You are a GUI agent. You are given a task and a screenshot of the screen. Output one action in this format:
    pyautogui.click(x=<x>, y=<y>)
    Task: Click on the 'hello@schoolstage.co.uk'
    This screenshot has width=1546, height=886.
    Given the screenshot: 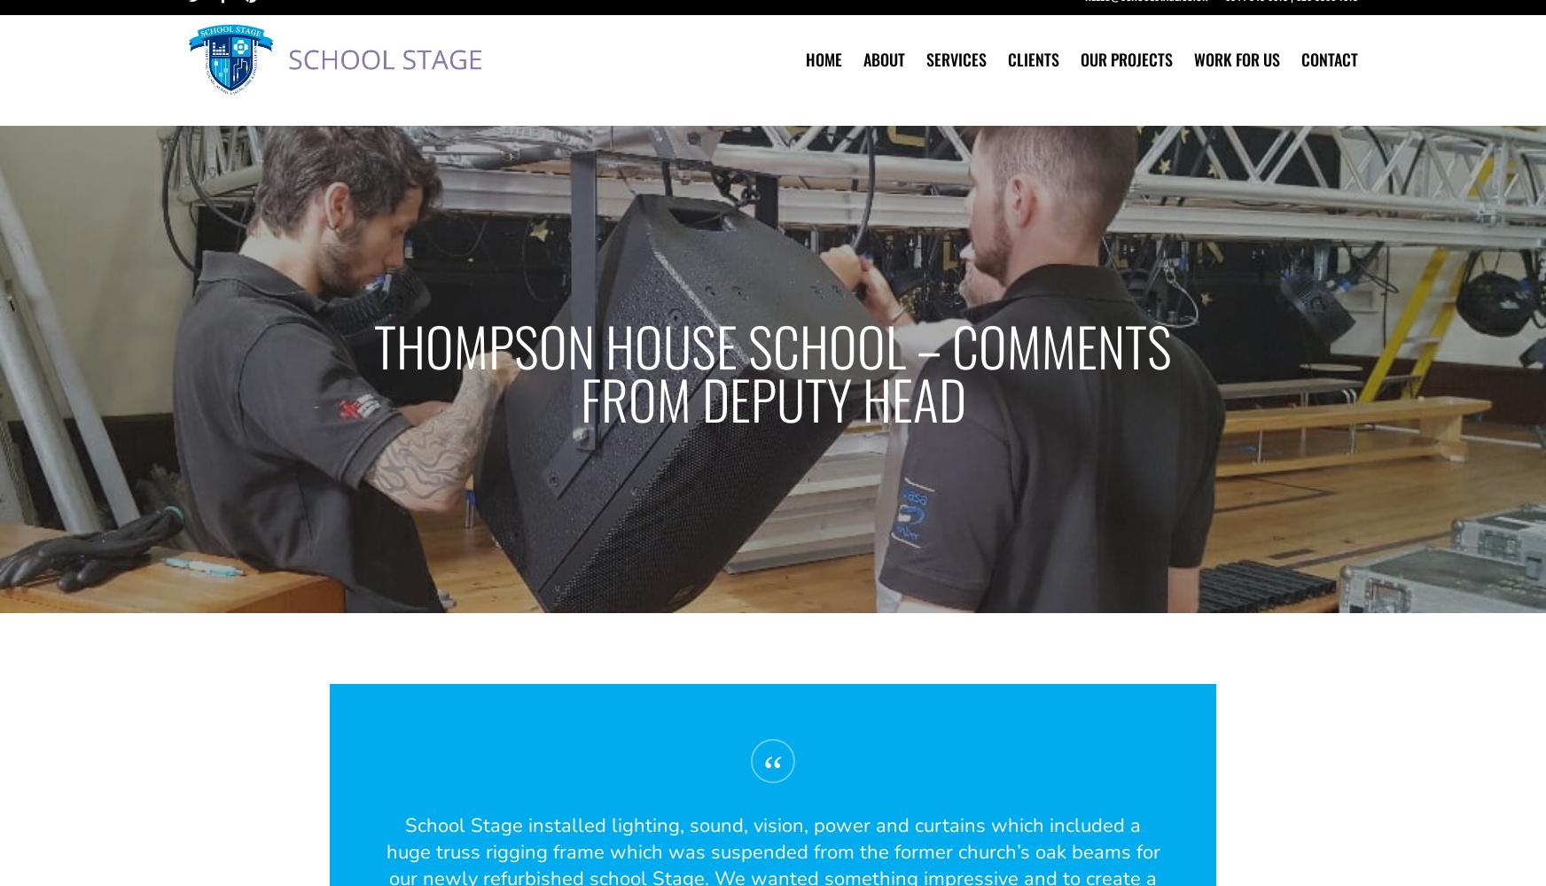 What is the action you would take?
    pyautogui.click(x=1146, y=18)
    